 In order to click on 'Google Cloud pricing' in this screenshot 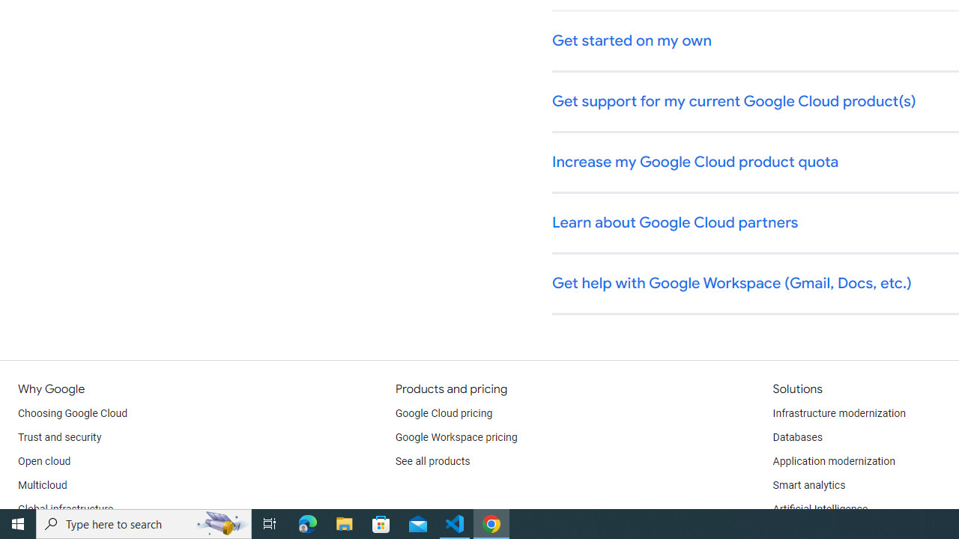, I will do `click(443, 413)`.